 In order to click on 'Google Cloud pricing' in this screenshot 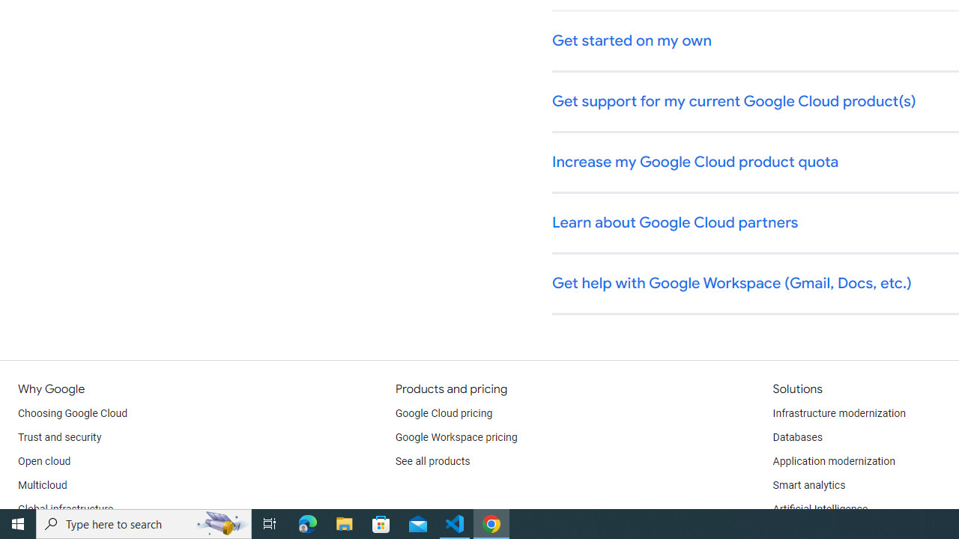, I will do `click(443, 413)`.